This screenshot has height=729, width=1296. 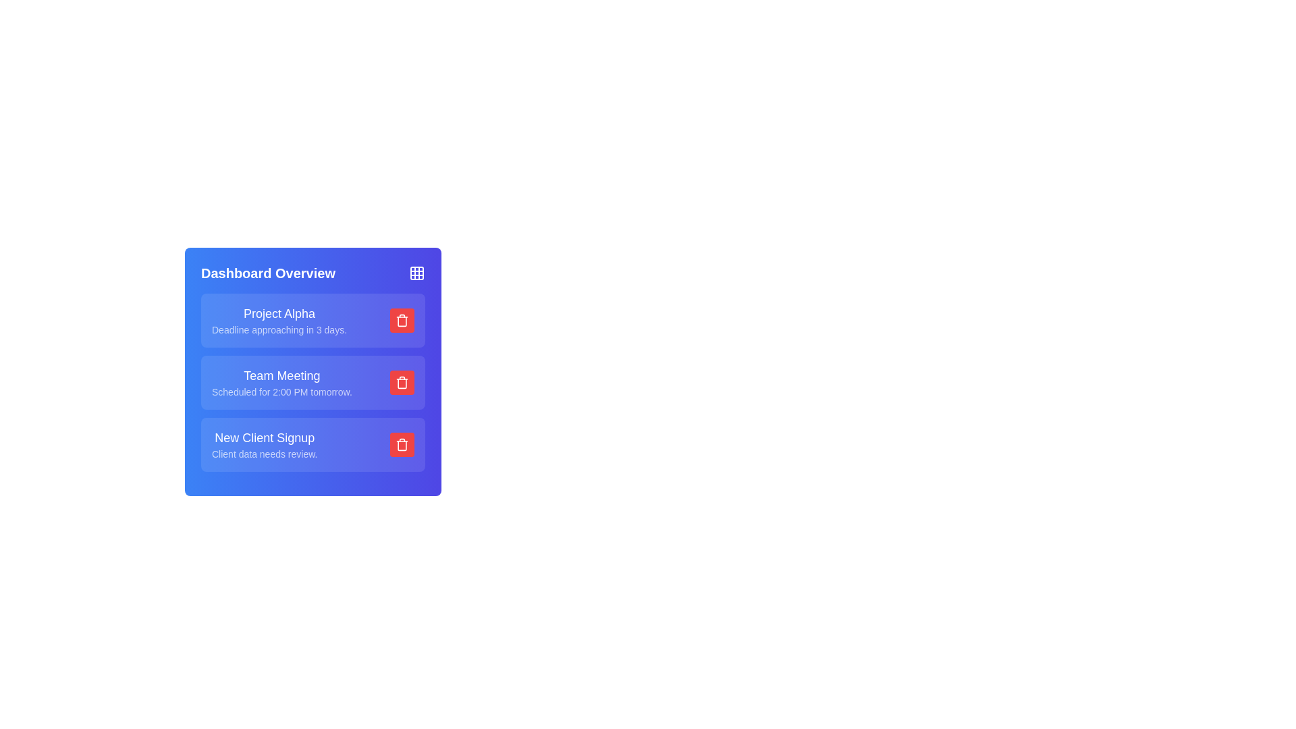 What do you see at coordinates (278, 330) in the screenshot?
I see `the Text Label that informs users about the deadline status of the associated project, which is positioned below the 'Project Alpha' text in the first list item of the dashboard's content section` at bounding box center [278, 330].